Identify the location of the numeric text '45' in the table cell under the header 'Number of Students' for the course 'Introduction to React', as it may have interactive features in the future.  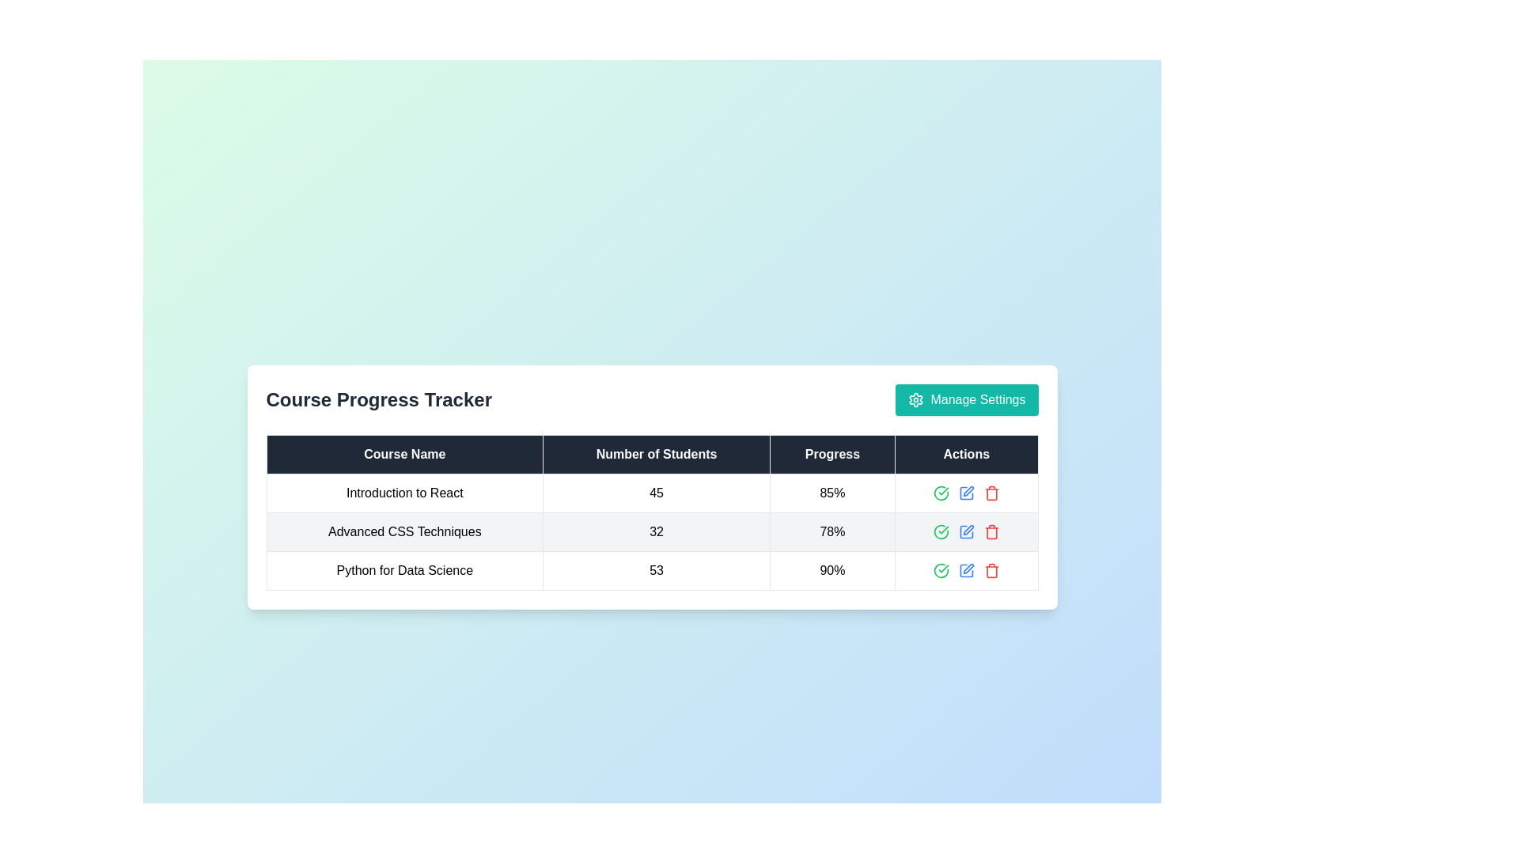
(657, 492).